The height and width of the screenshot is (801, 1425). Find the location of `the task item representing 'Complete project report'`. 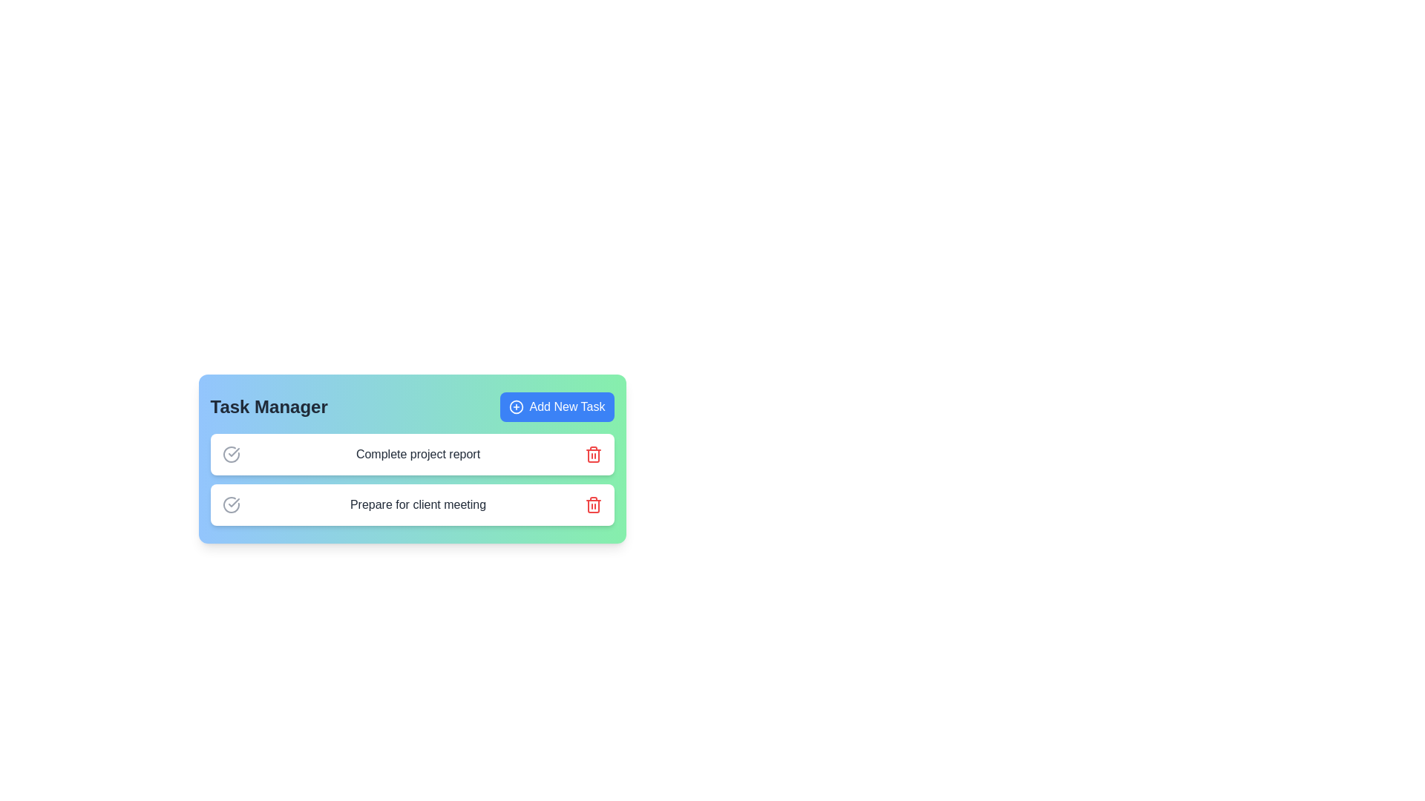

the task item representing 'Complete project report' is located at coordinates (412, 454).